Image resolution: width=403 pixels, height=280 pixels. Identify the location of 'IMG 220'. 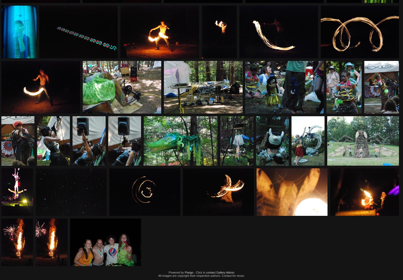
(345, 6).